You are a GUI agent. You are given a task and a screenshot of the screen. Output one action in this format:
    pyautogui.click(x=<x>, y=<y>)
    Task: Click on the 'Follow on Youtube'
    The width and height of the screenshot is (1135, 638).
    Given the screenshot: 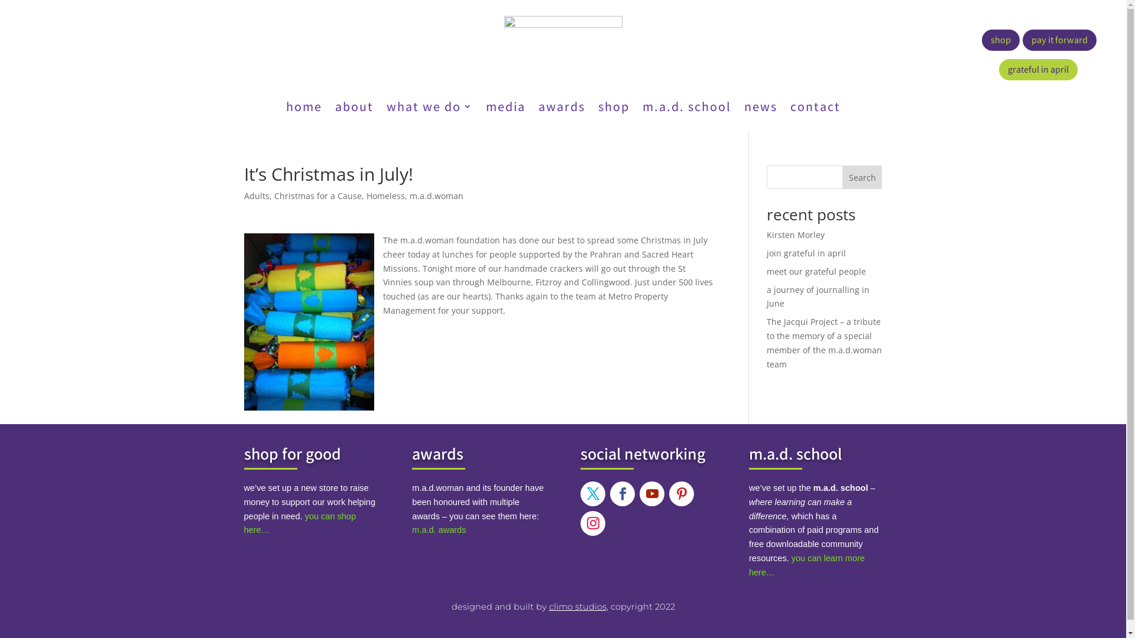 What is the action you would take?
    pyautogui.click(x=638, y=494)
    